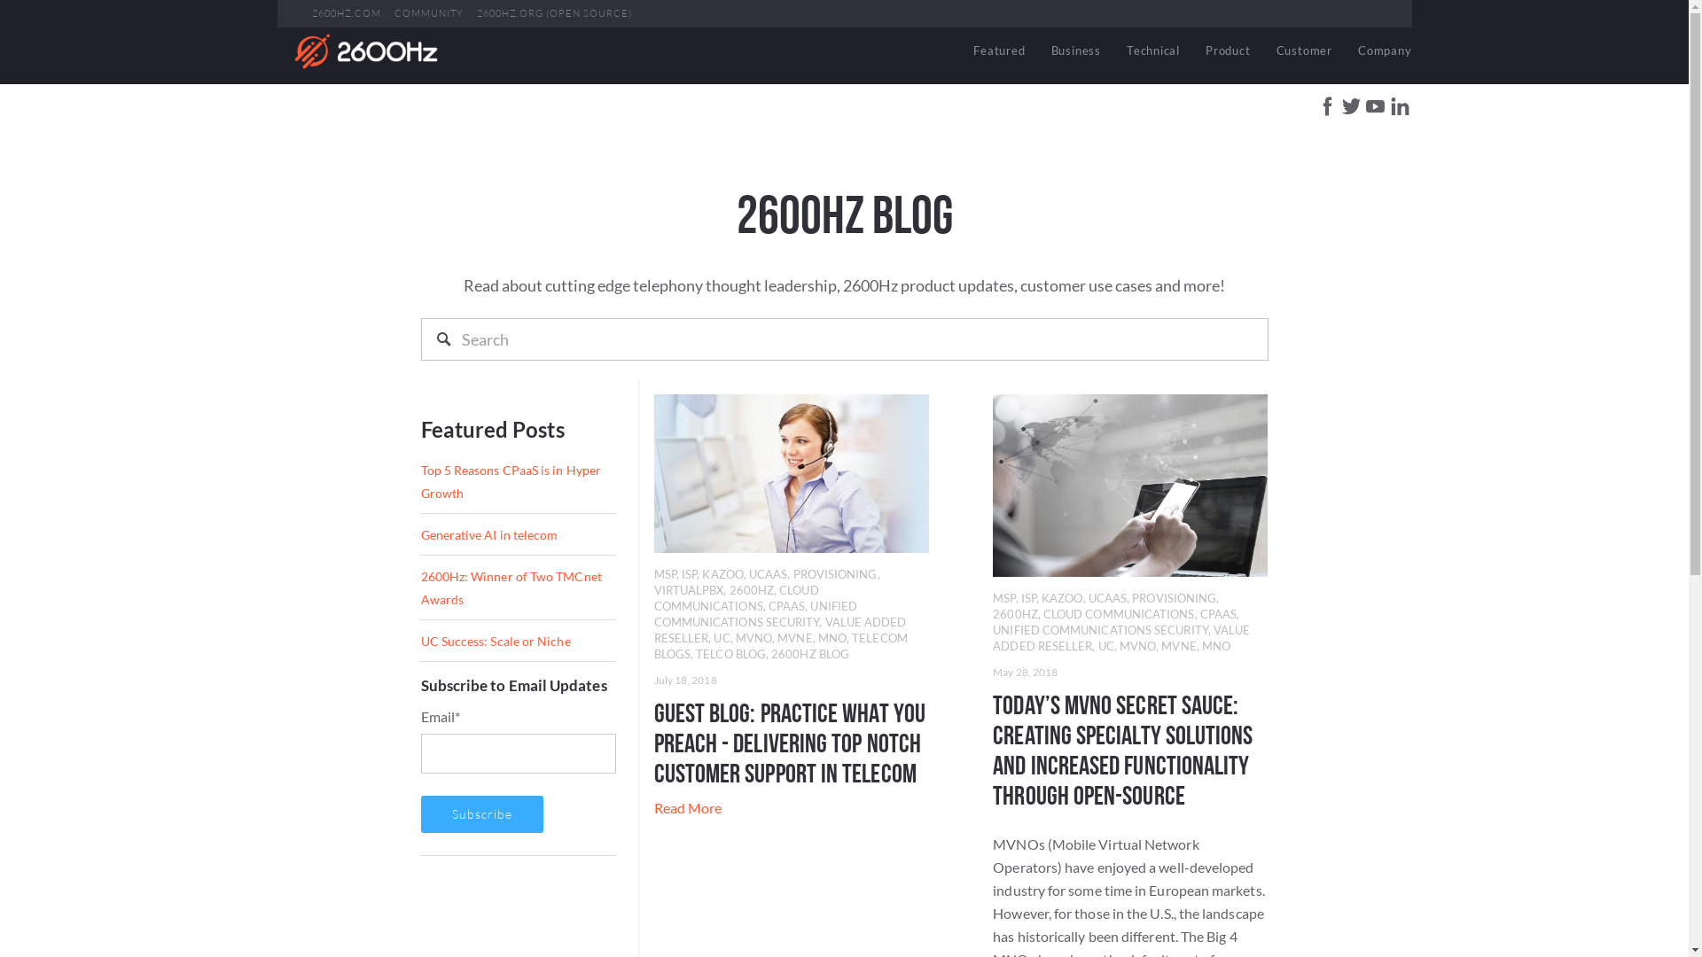 The width and height of the screenshot is (1702, 957). Describe the element at coordinates (311, 13) in the screenshot. I see `'2600HZ.COM'` at that location.